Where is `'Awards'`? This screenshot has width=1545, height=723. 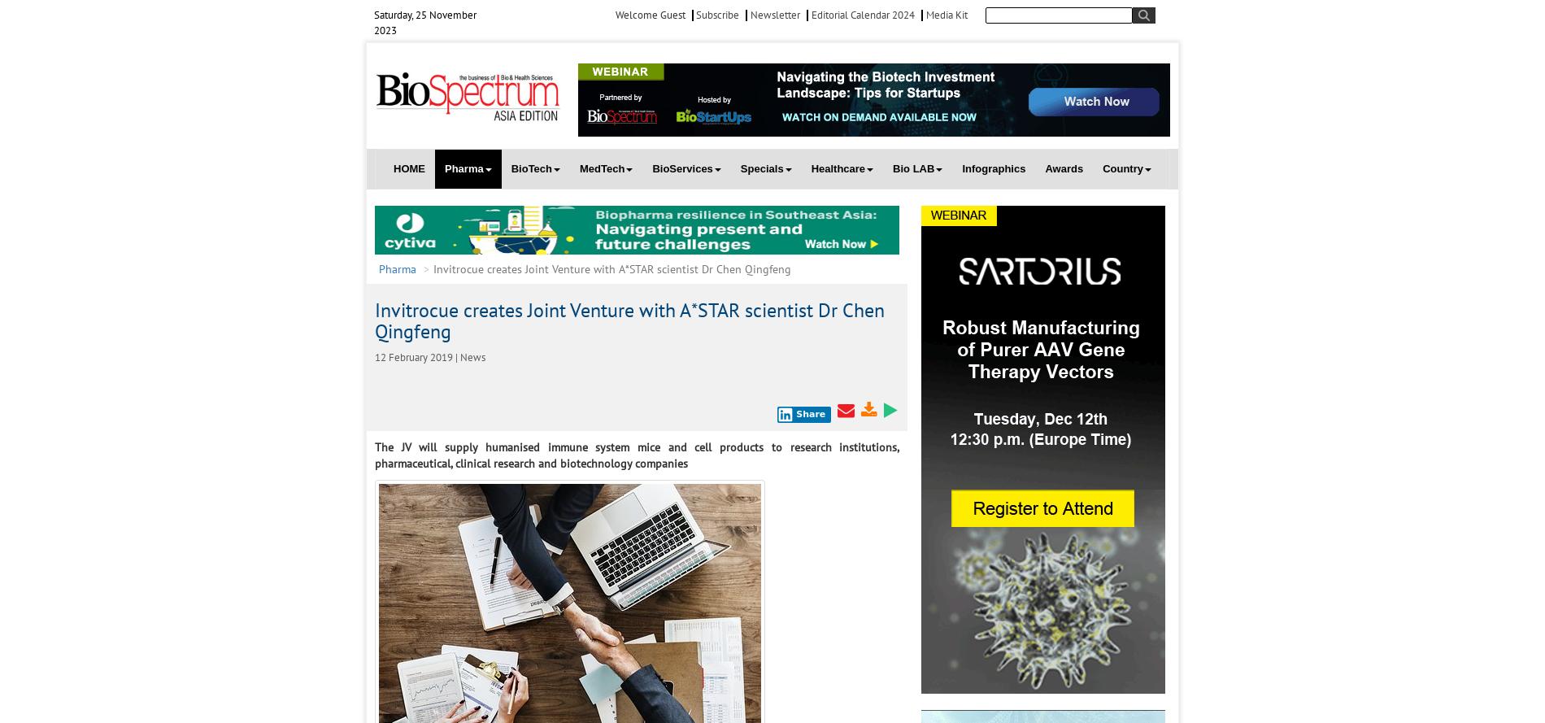 'Awards' is located at coordinates (1063, 168).